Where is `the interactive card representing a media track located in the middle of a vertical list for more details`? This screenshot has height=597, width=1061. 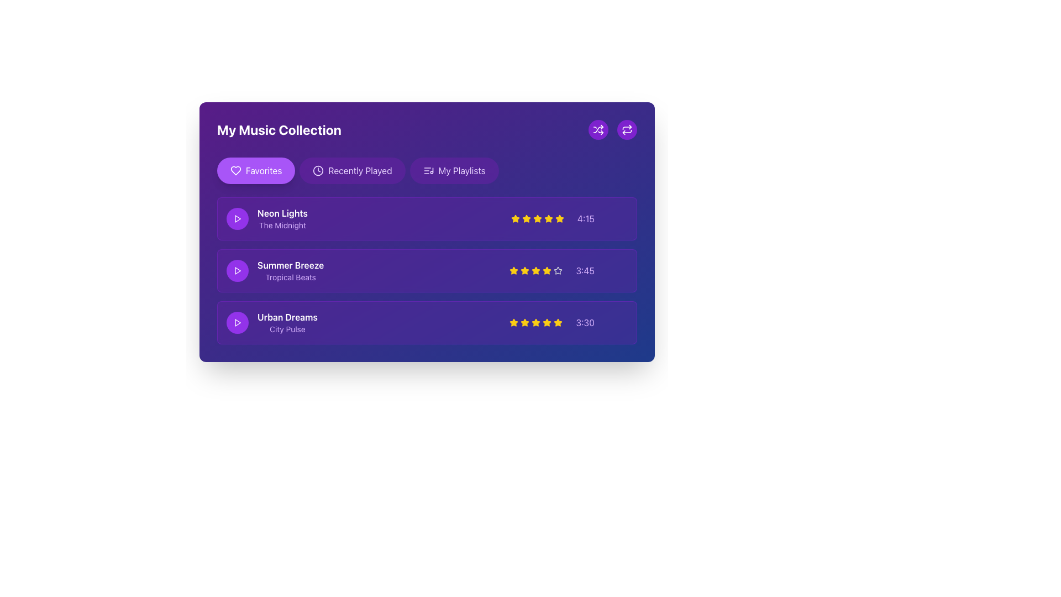
the interactive card representing a media track located in the middle of a vertical list for more details is located at coordinates (426, 270).